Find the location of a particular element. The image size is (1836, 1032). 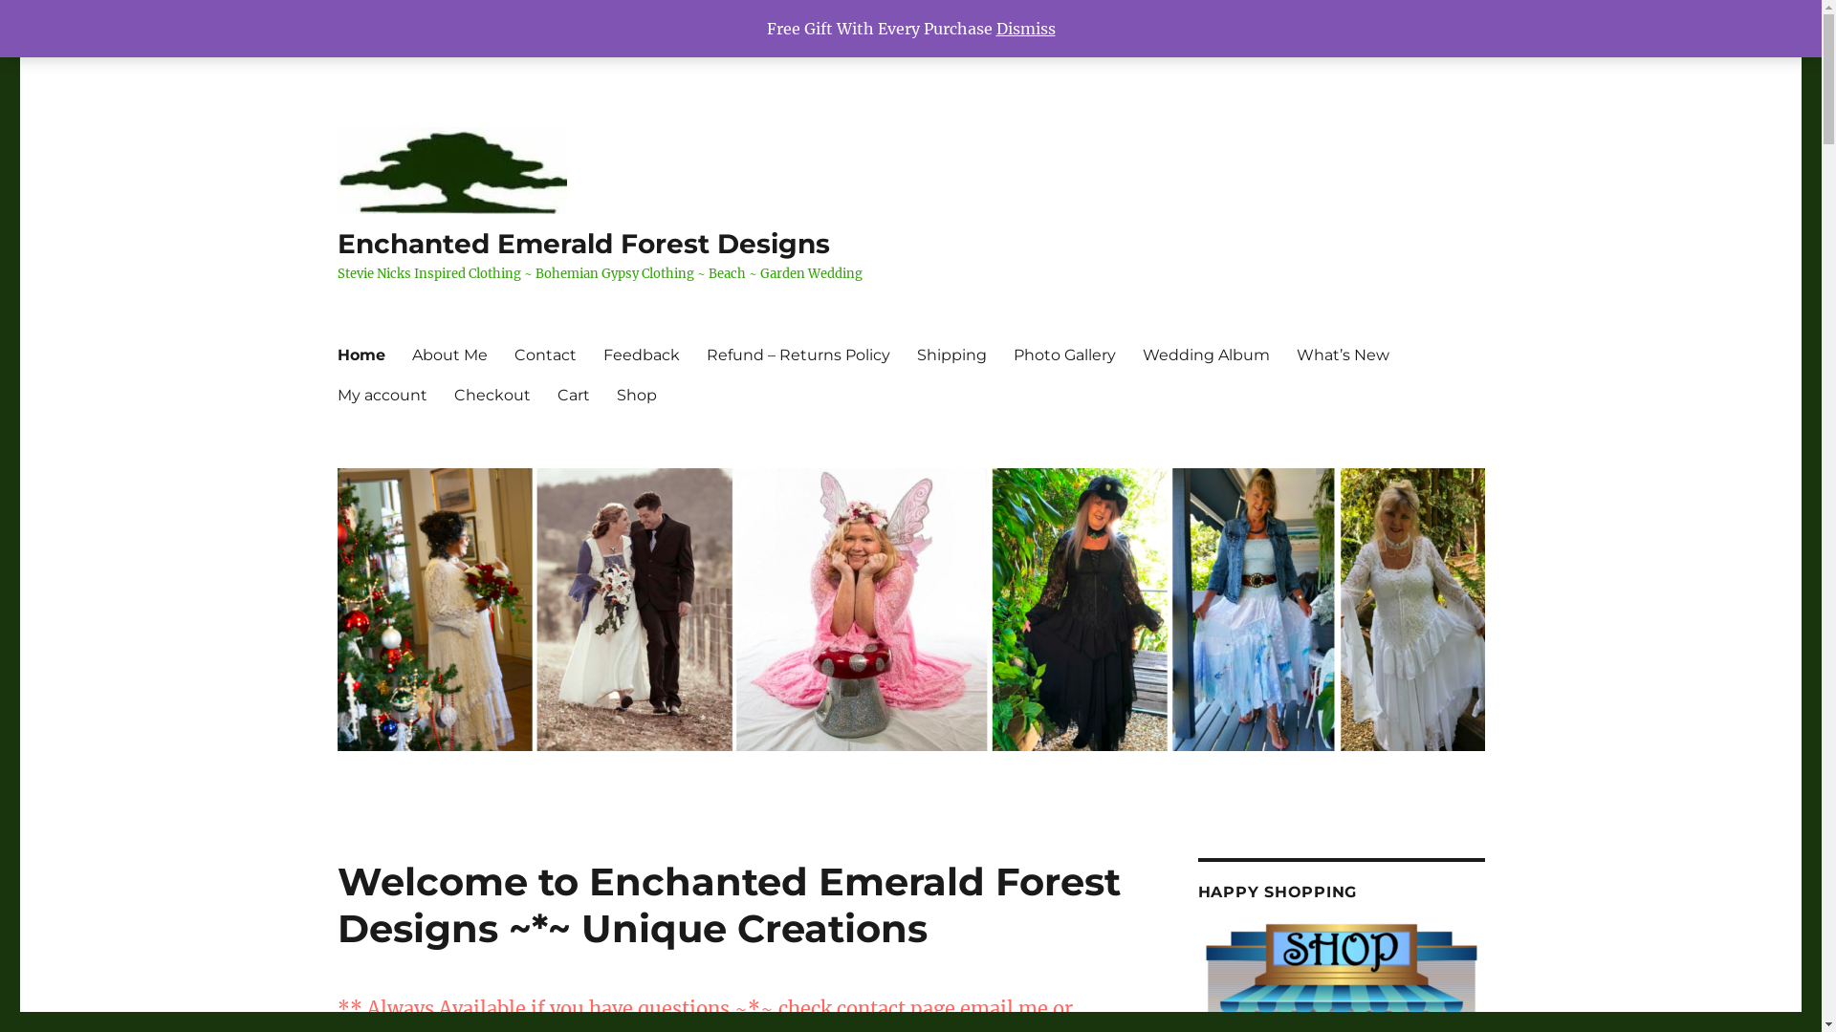

'About Me' is located at coordinates (397, 354).